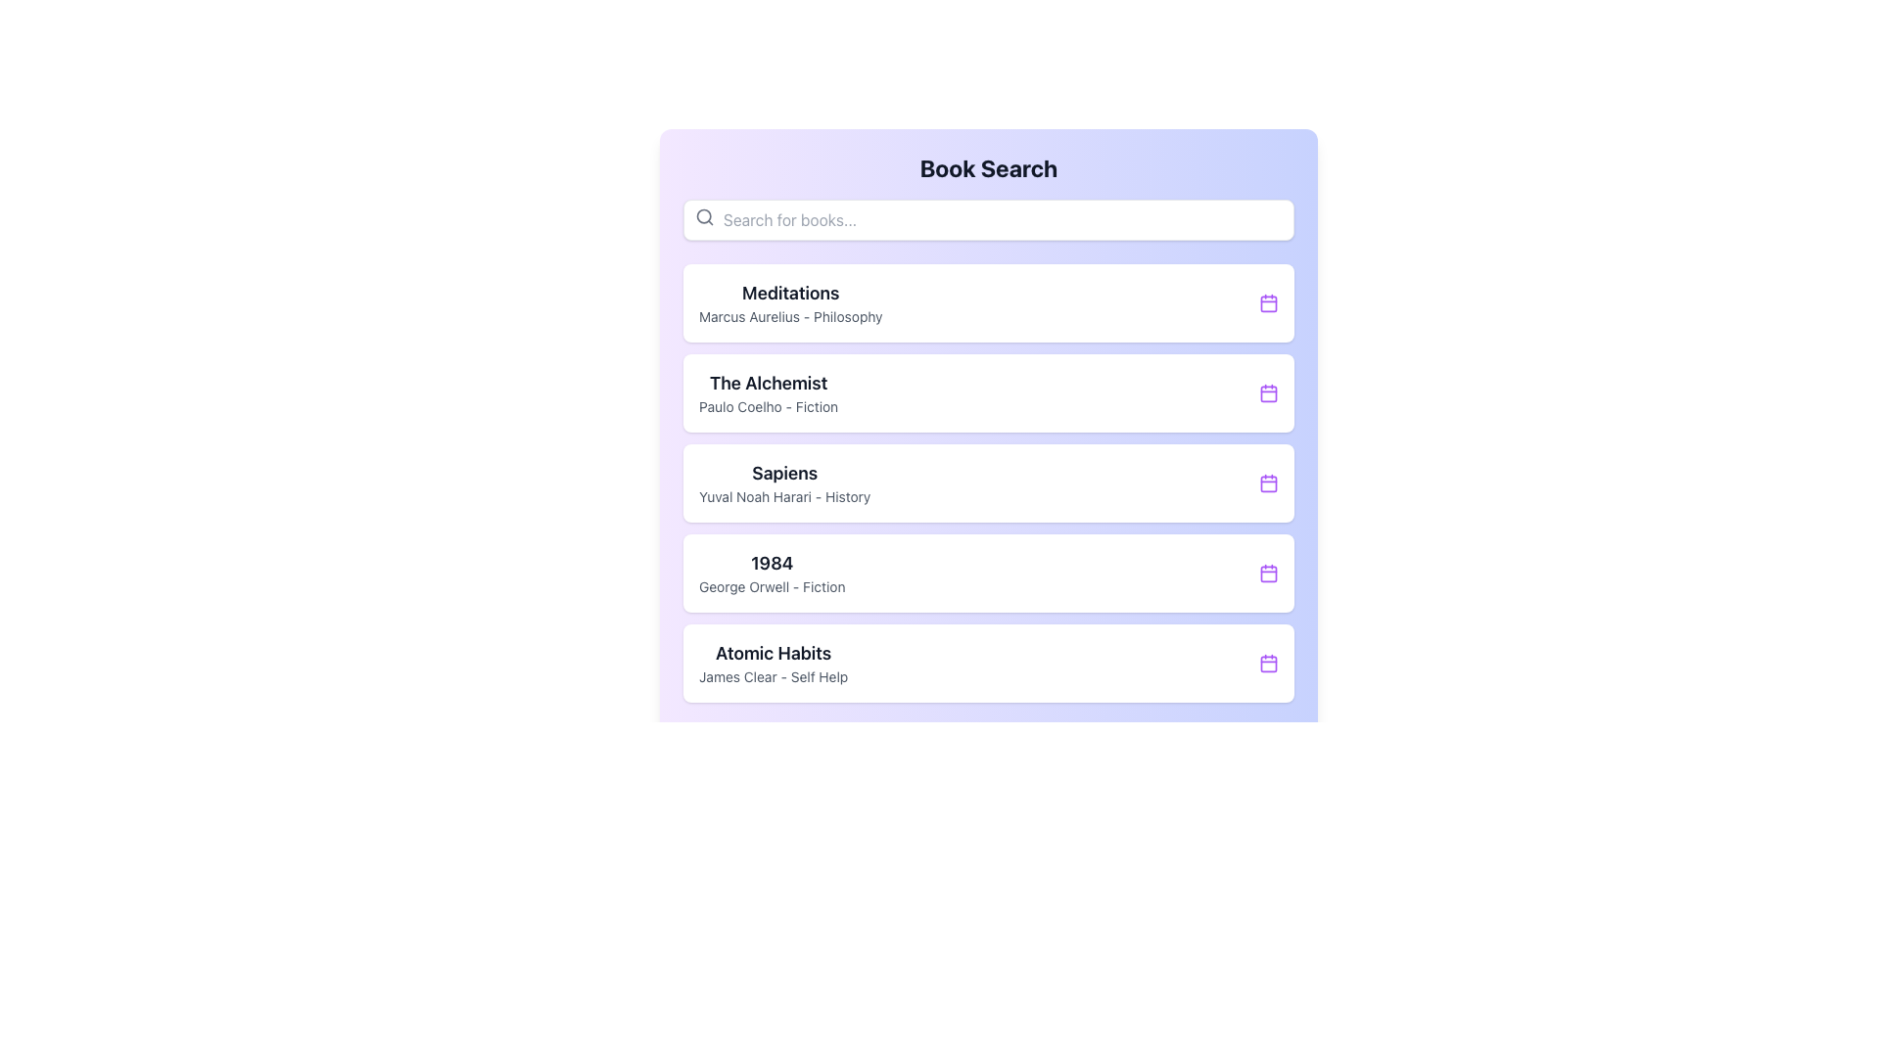 The width and height of the screenshot is (1880, 1057). Describe the element at coordinates (773, 653) in the screenshot. I see `the text element displaying the title 'Atomic Habits', which is prominently styled in bold and larger font, located above the descriptive text in the last book entry of the list` at that location.